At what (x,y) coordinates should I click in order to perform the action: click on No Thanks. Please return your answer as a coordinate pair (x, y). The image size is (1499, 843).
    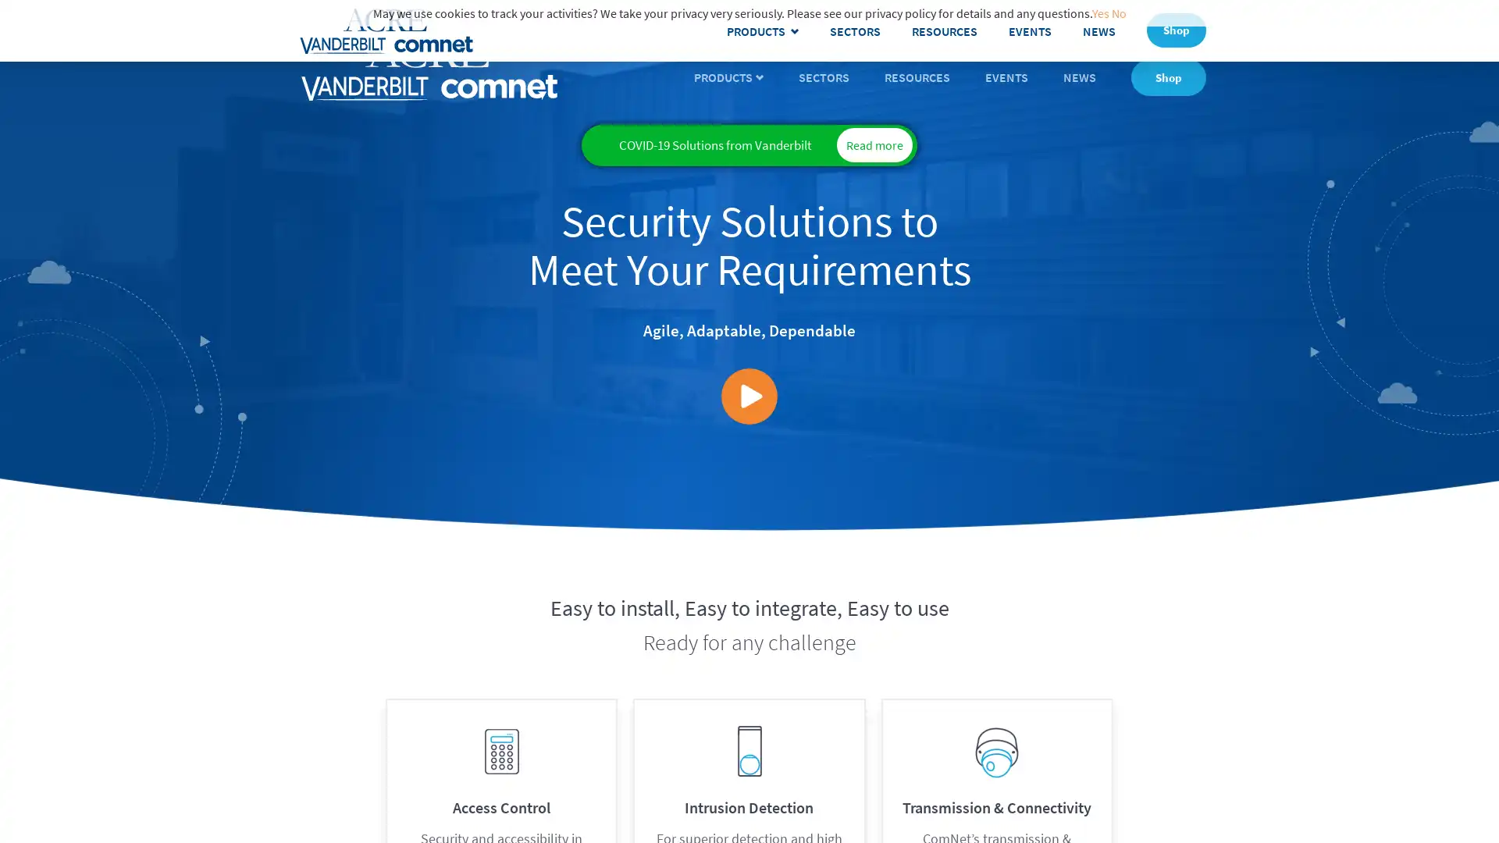
    Looking at the image, I should click on (1365, 809).